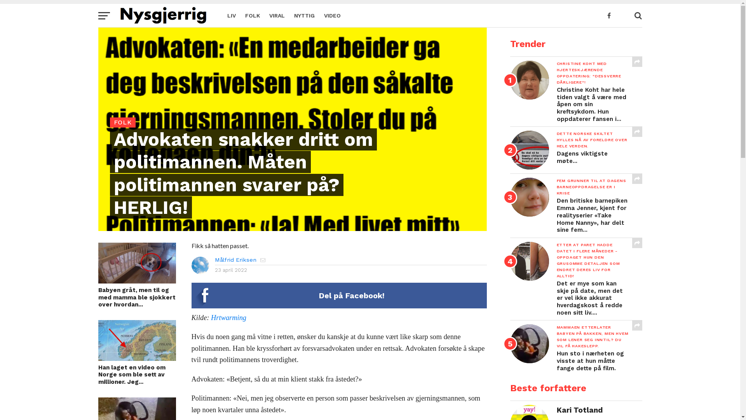 The image size is (746, 420). I want to click on 'VIRAL', so click(276, 15).